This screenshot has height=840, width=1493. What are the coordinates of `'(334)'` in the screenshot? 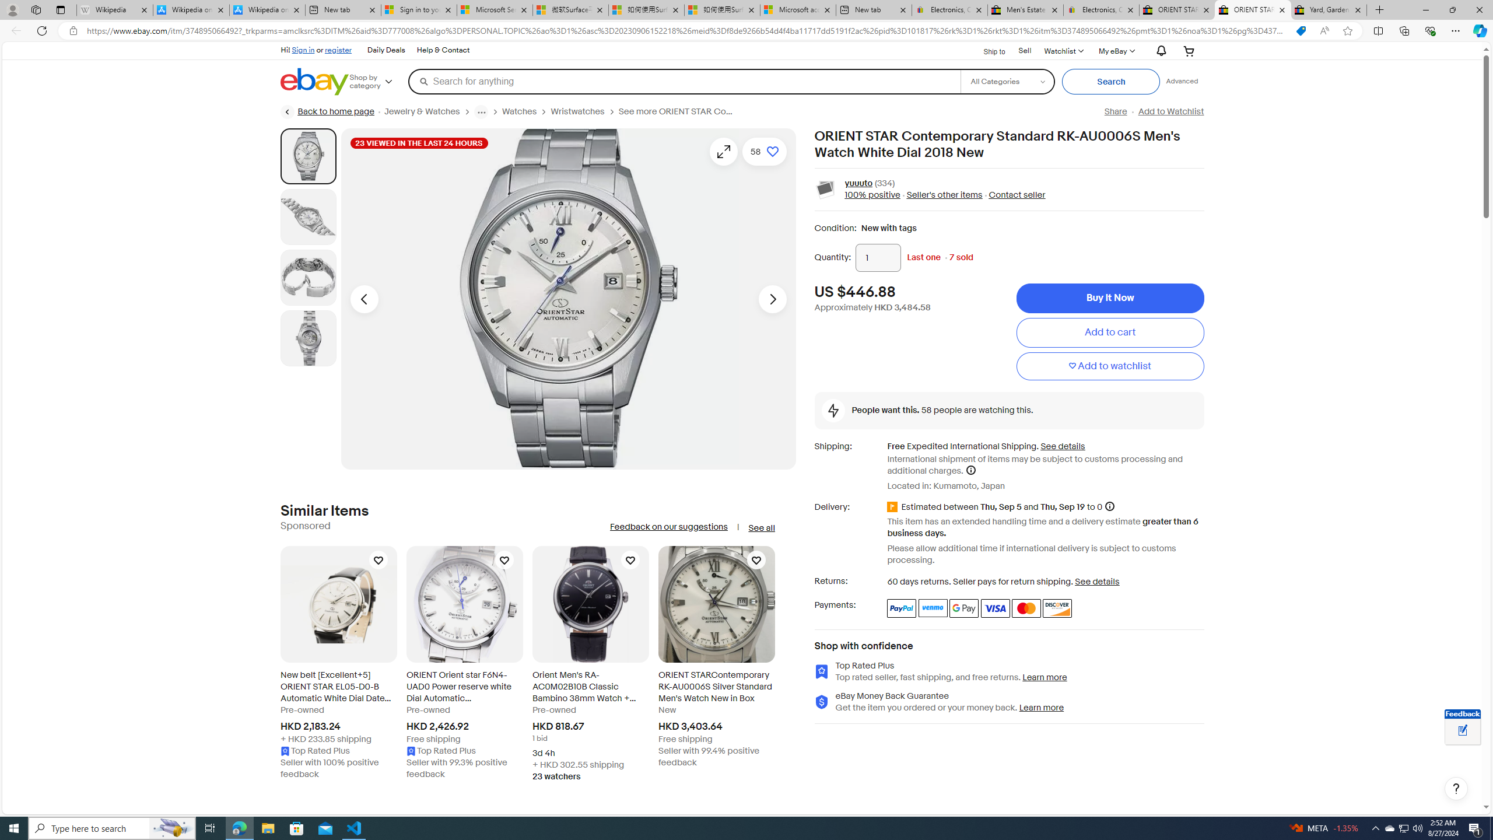 It's located at (885, 183).